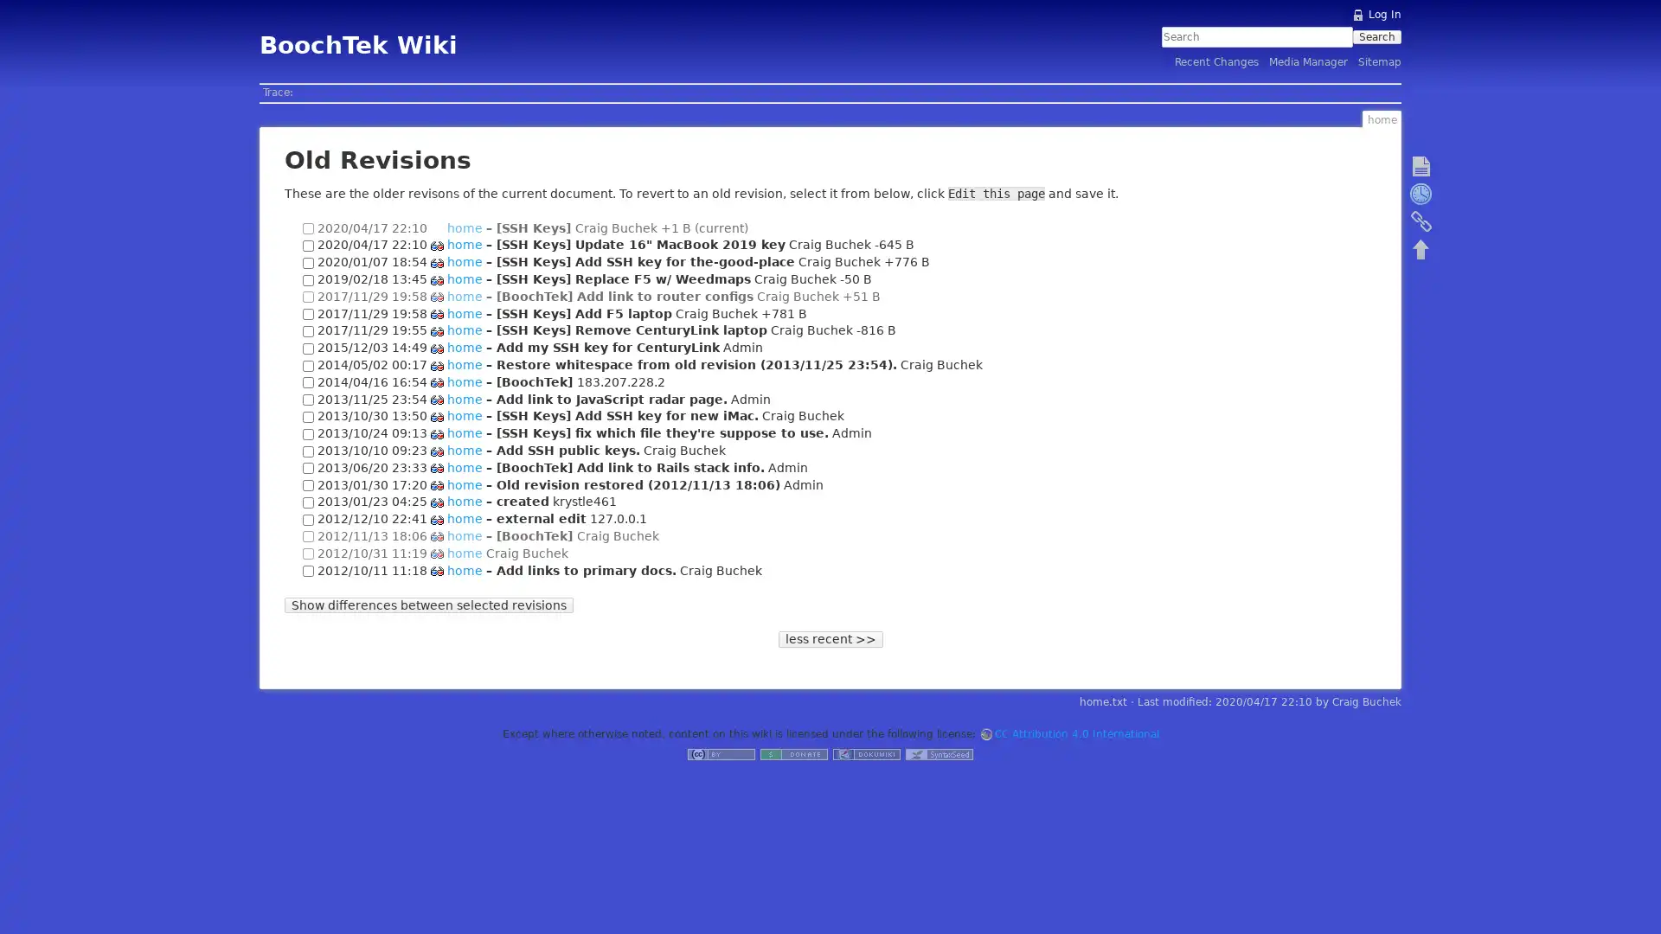 This screenshot has width=1661, height=934. Describe the element at coordinates (1376, 36) in the screenshot. I see `Search` at that location.